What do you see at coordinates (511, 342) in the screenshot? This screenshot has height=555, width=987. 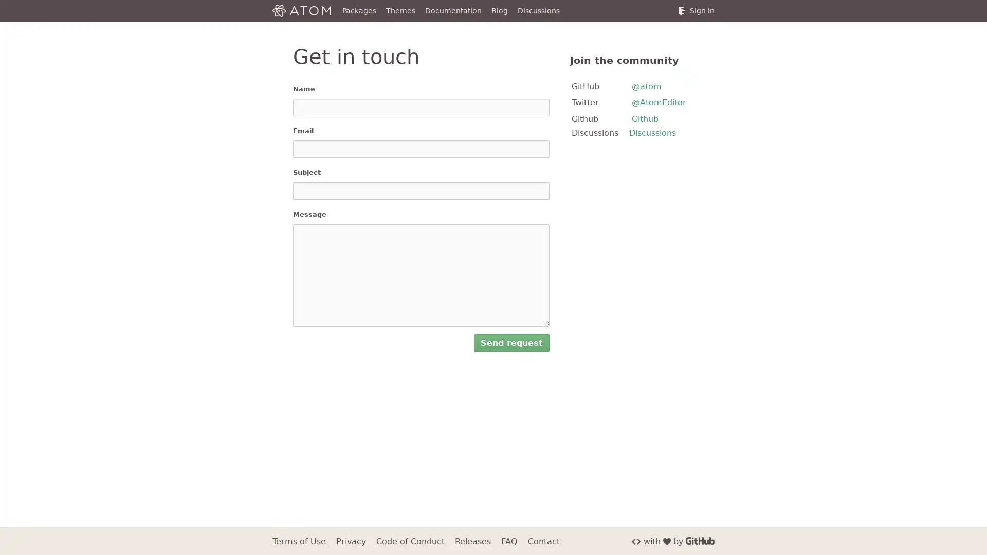 I see `Send request` at bounding box center [511, 342].